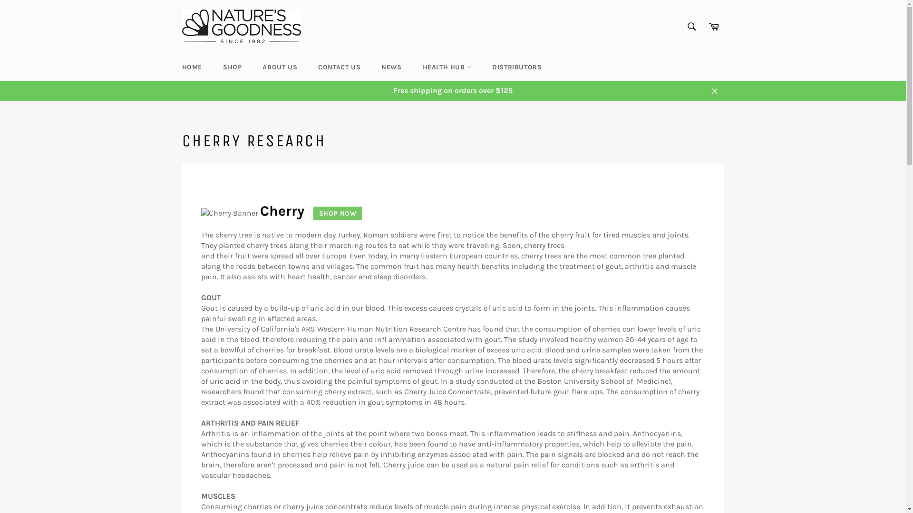  I want to click on 'CONTACT US', so click(339, 66).